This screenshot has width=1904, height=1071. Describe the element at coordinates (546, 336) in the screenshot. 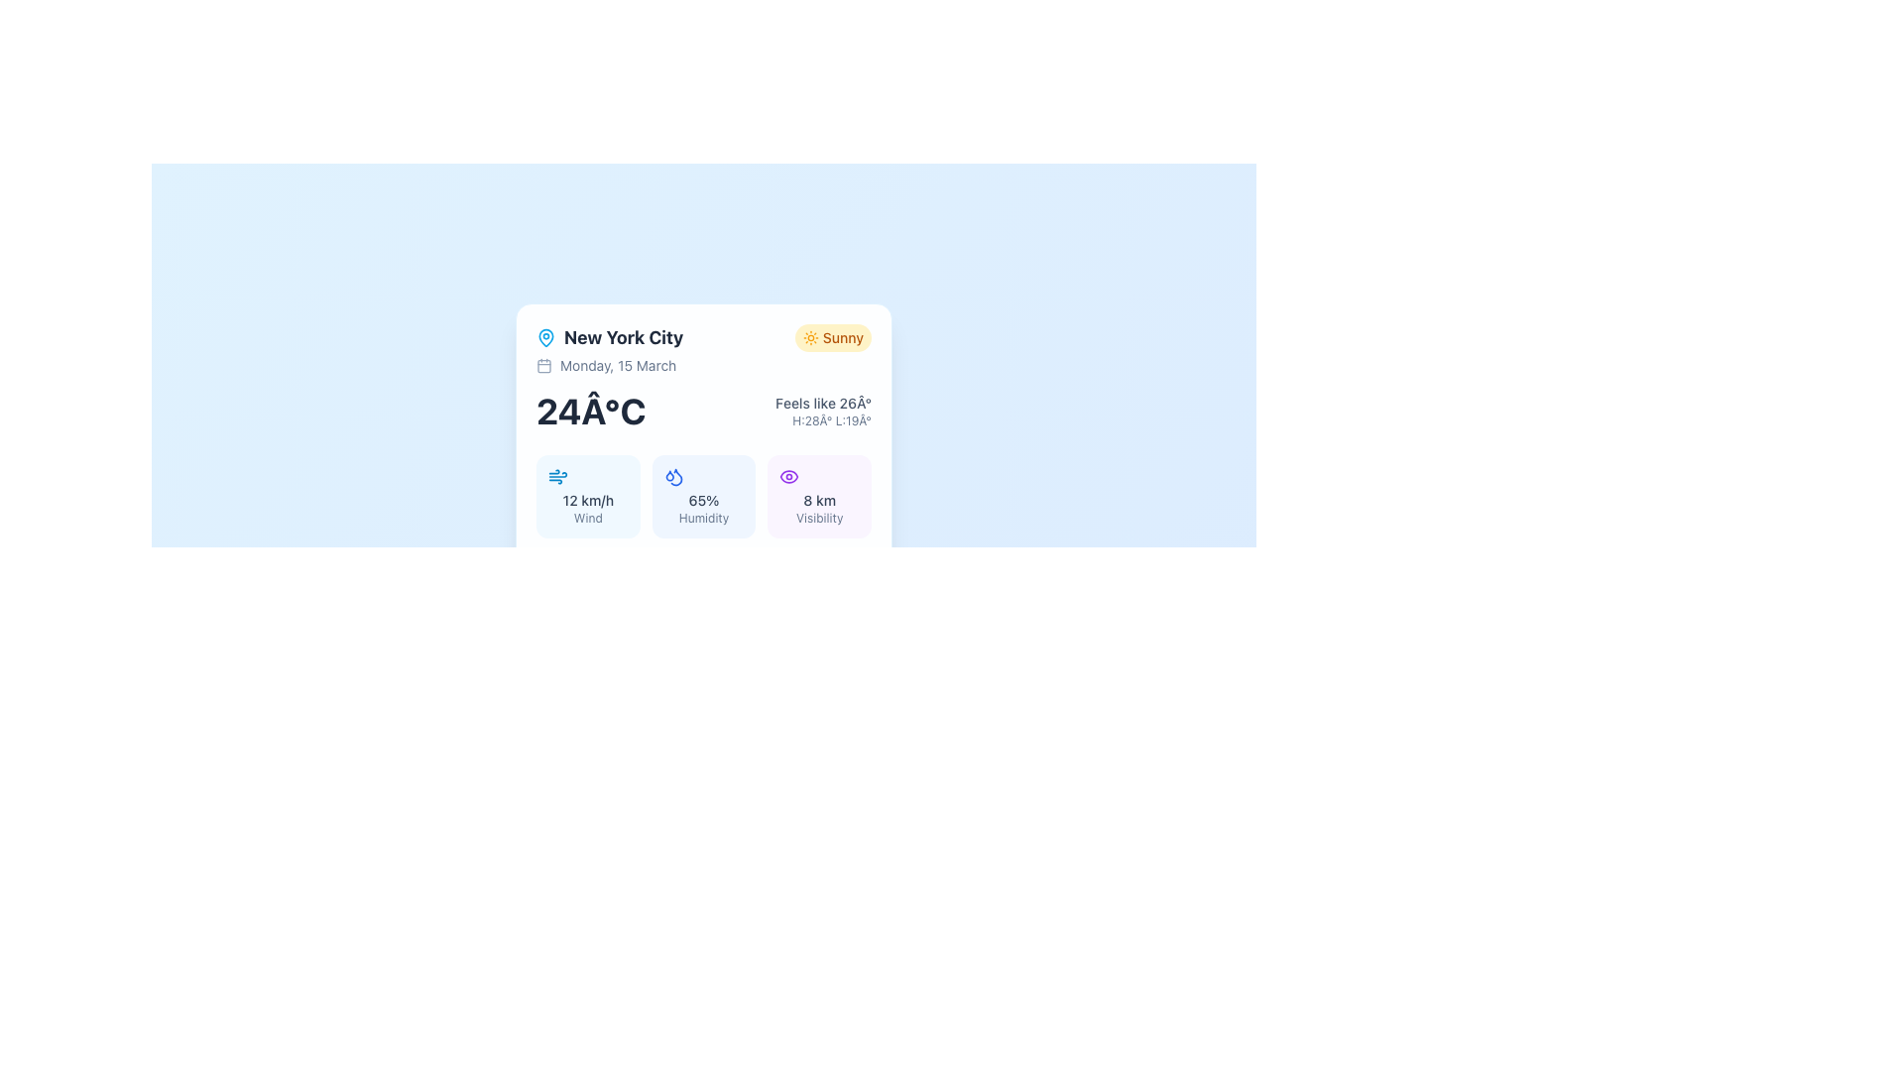

I see `the small pin-shaped icon resembling a location marker with a blue outline, located next to the text 'New York City'` at that location.